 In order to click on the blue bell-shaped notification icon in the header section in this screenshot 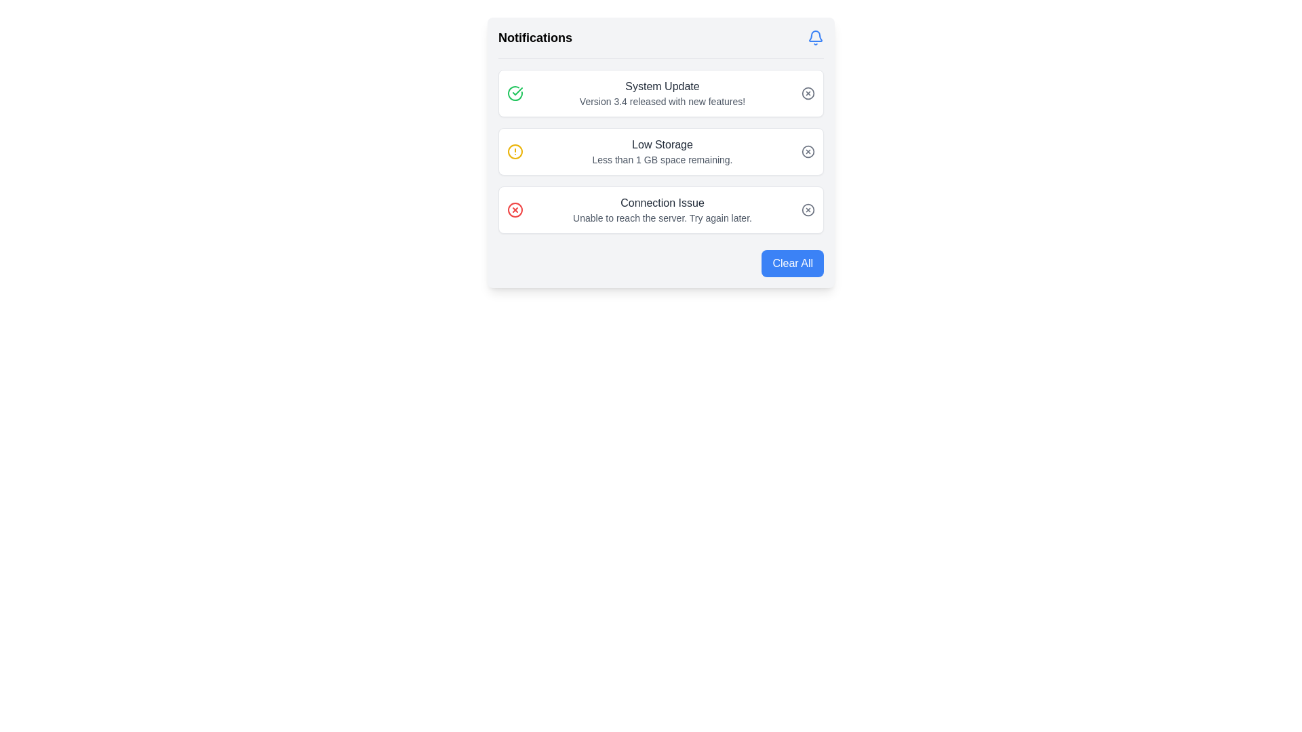, I will do `click(815, 37)`.